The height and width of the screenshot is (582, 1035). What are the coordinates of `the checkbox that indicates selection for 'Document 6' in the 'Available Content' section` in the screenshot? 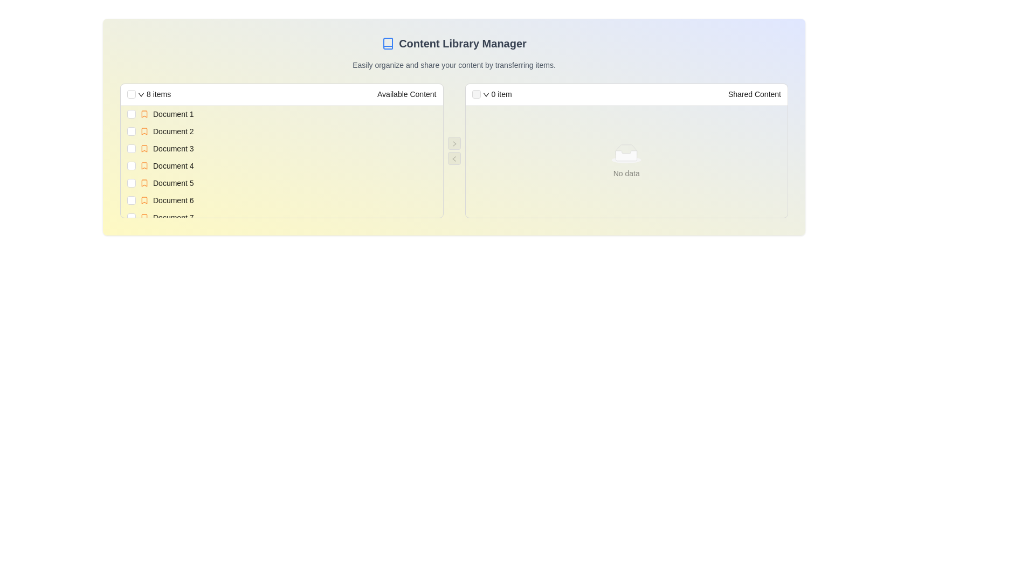 It's located at (131, 200).